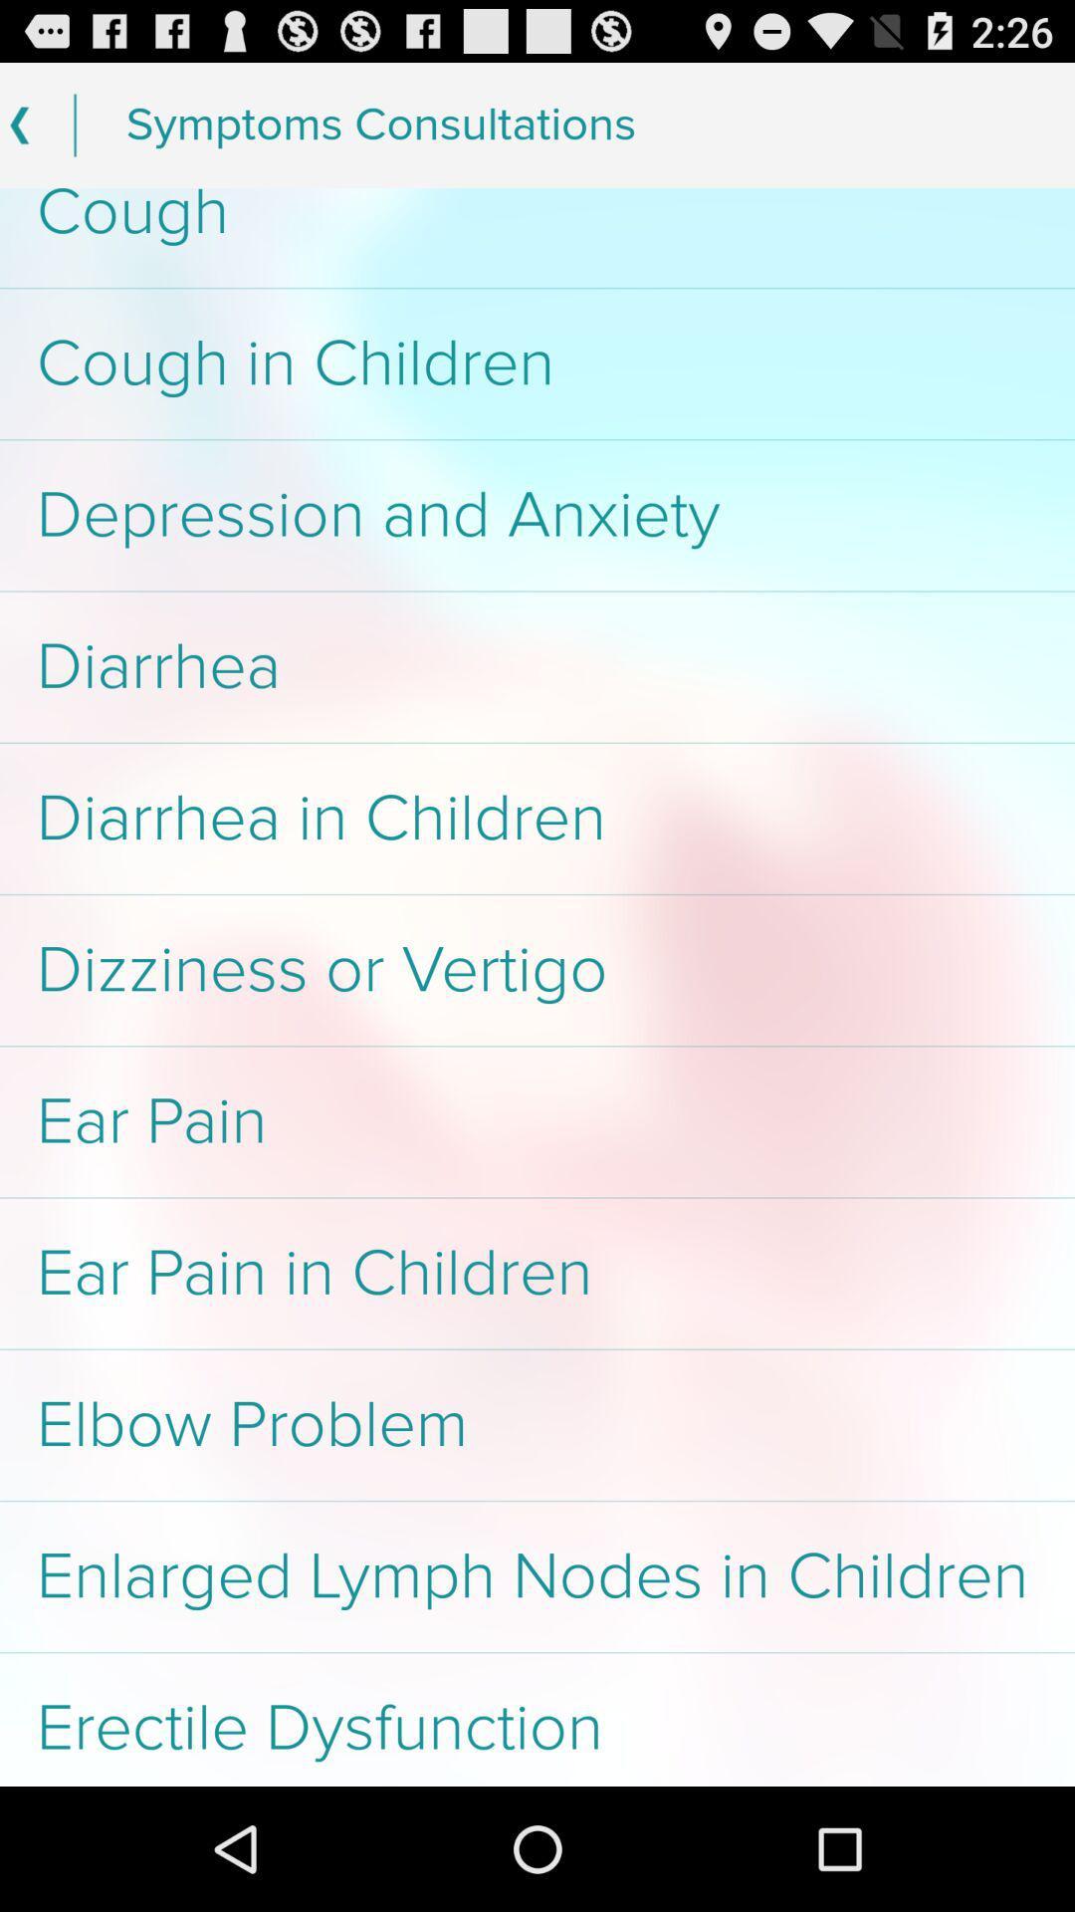 This screenshot has width=1075, height=1912. I want to click on dizziness or vertigo app, so click(537, 970).